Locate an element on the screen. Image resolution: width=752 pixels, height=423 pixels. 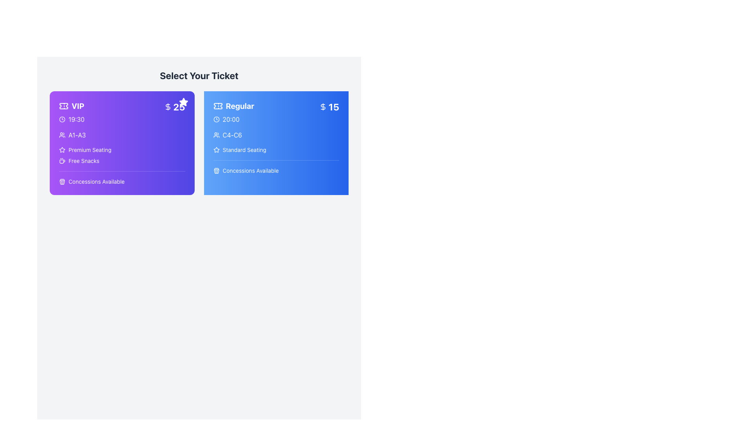
the feature description of the first row indicating premium seating availability for the 'VIP' ticket option, which is positioned between the 'A1-A3' seat information and the 'Free Snacks' label is located at coordinates (121, 150).